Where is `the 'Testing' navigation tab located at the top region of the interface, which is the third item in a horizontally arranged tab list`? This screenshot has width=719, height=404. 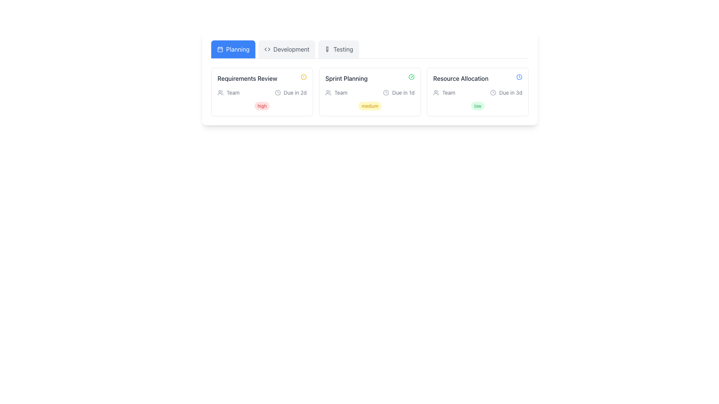
the 'Testing' navigation tab located at the top region of the interface, which is the third item in a horizontally arranged tab list is located at coordinates (338, 49).